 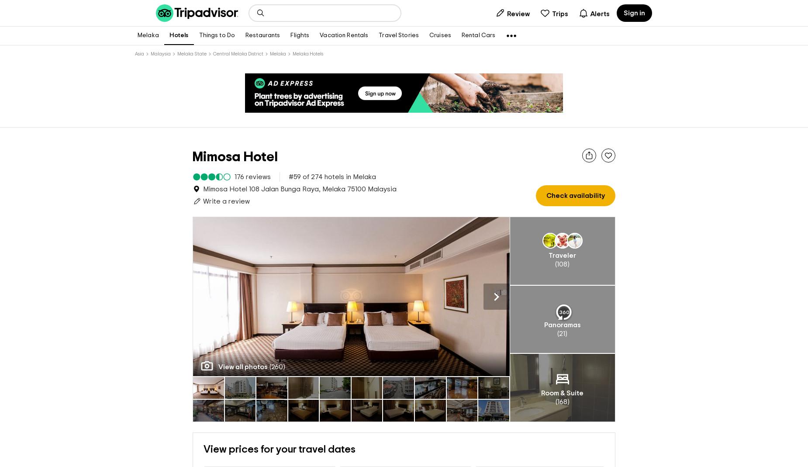 I want to click on 'Mimosa Hotel 108 Jalan Bunga Raya, Melaka 75100 Malaysia', so click(x=300, y=189).